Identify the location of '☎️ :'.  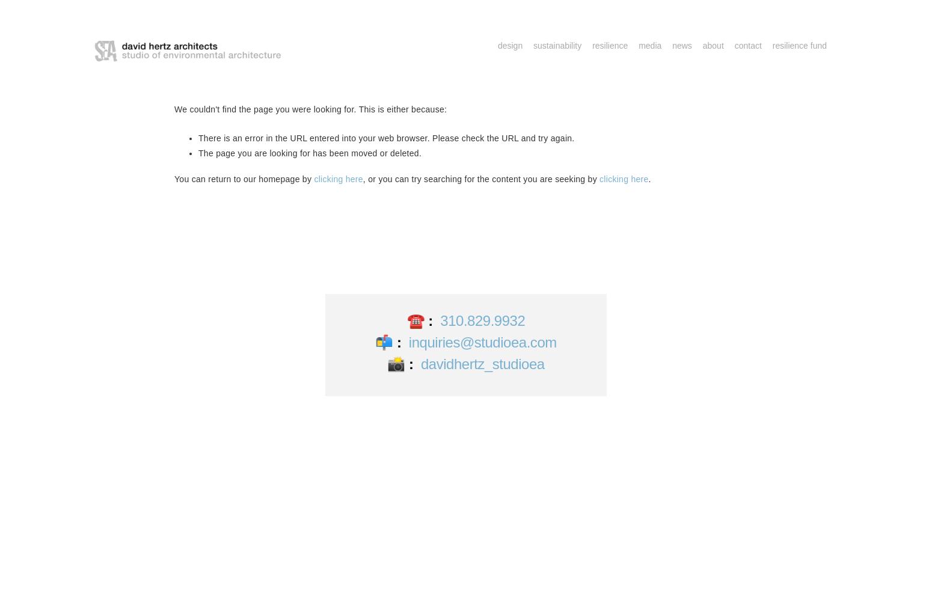
(405, 319).